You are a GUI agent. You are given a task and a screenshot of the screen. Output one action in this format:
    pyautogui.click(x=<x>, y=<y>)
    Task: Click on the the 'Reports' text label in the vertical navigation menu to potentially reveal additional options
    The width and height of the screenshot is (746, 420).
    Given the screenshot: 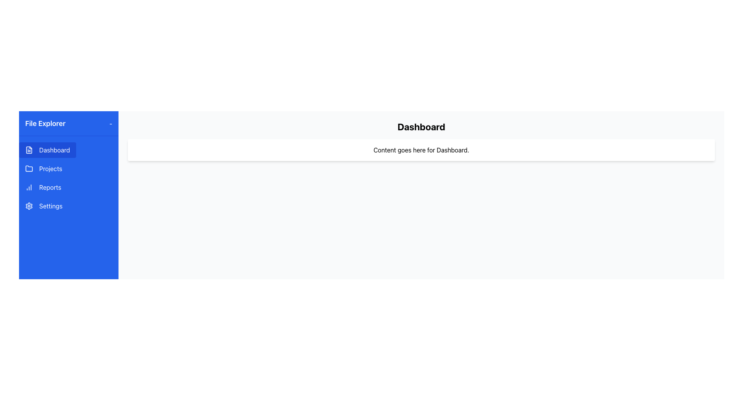 What is the action you would take?
    pyautogui.click(x=50, y=187)
    